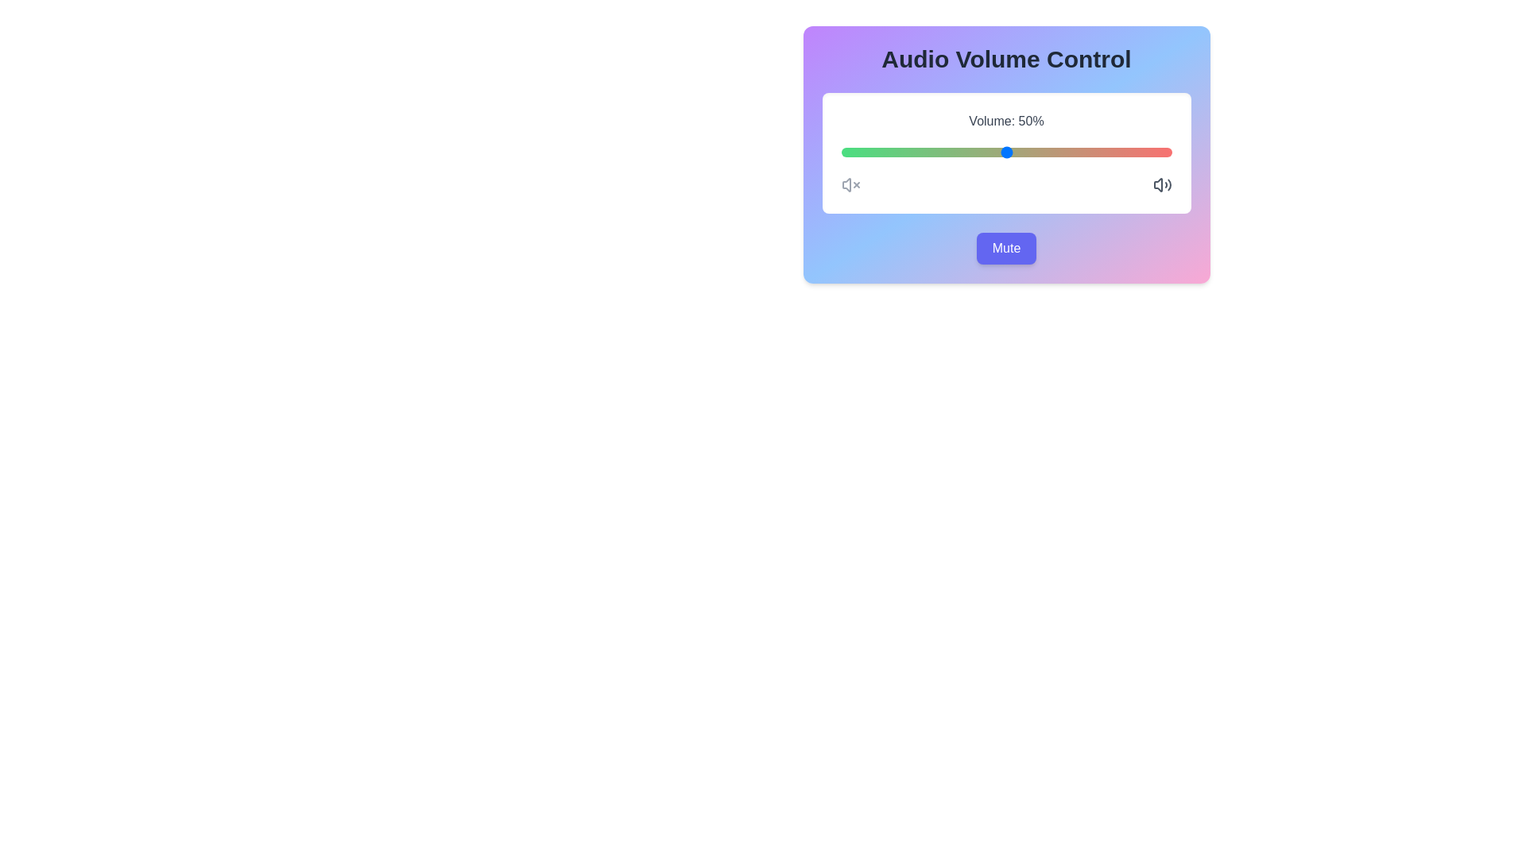 Image resolution: width=1526 pixels, height=858 pixels. Describe the element at coordinates (873, 153) in the screenshot. I see `the volume slider to 10%` at that location.